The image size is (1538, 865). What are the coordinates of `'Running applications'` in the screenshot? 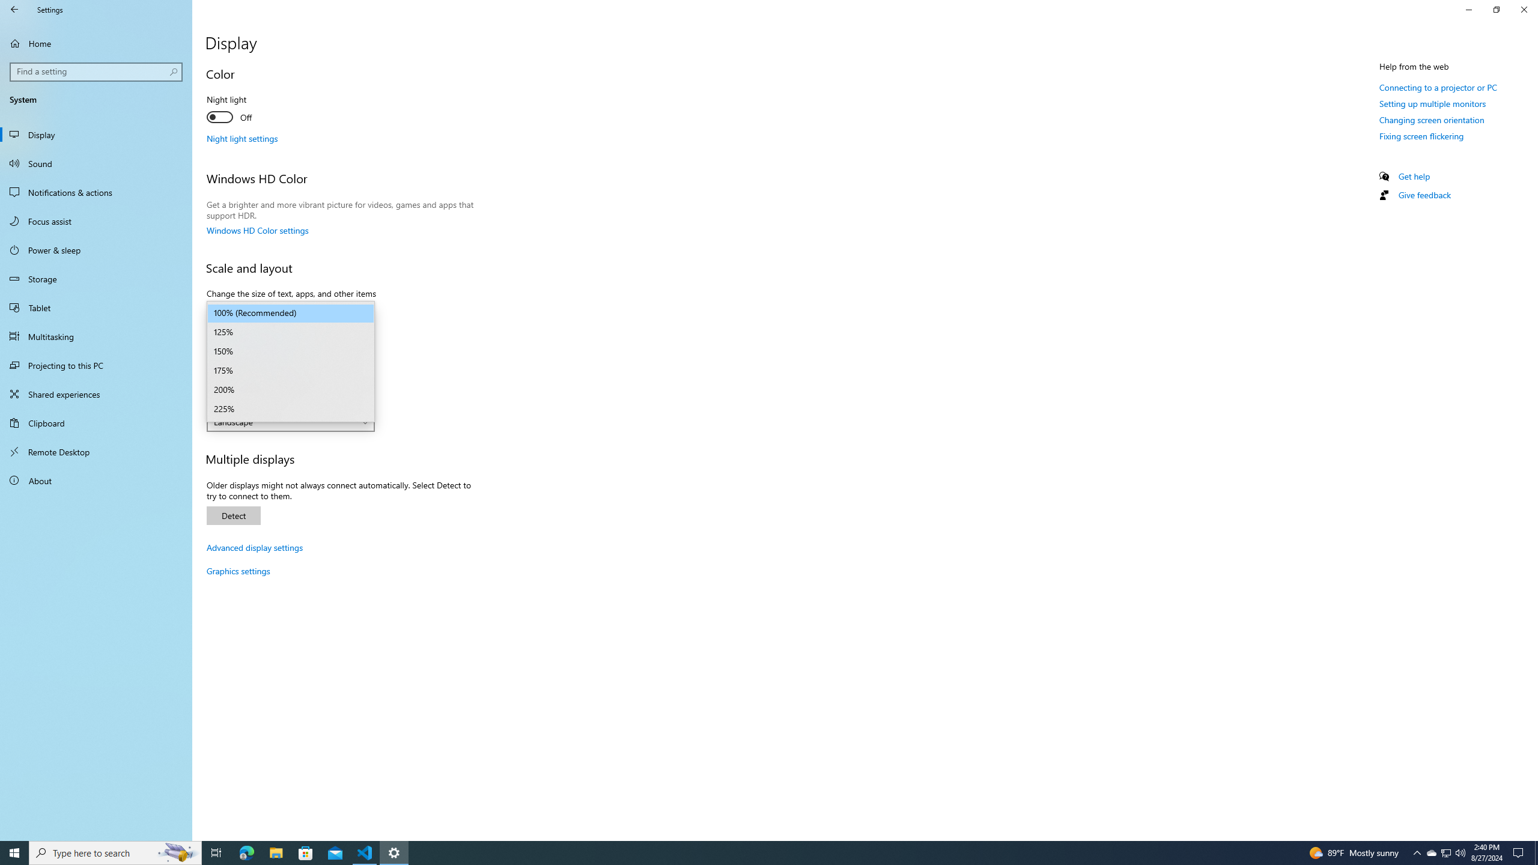 It's located at (758, 852).